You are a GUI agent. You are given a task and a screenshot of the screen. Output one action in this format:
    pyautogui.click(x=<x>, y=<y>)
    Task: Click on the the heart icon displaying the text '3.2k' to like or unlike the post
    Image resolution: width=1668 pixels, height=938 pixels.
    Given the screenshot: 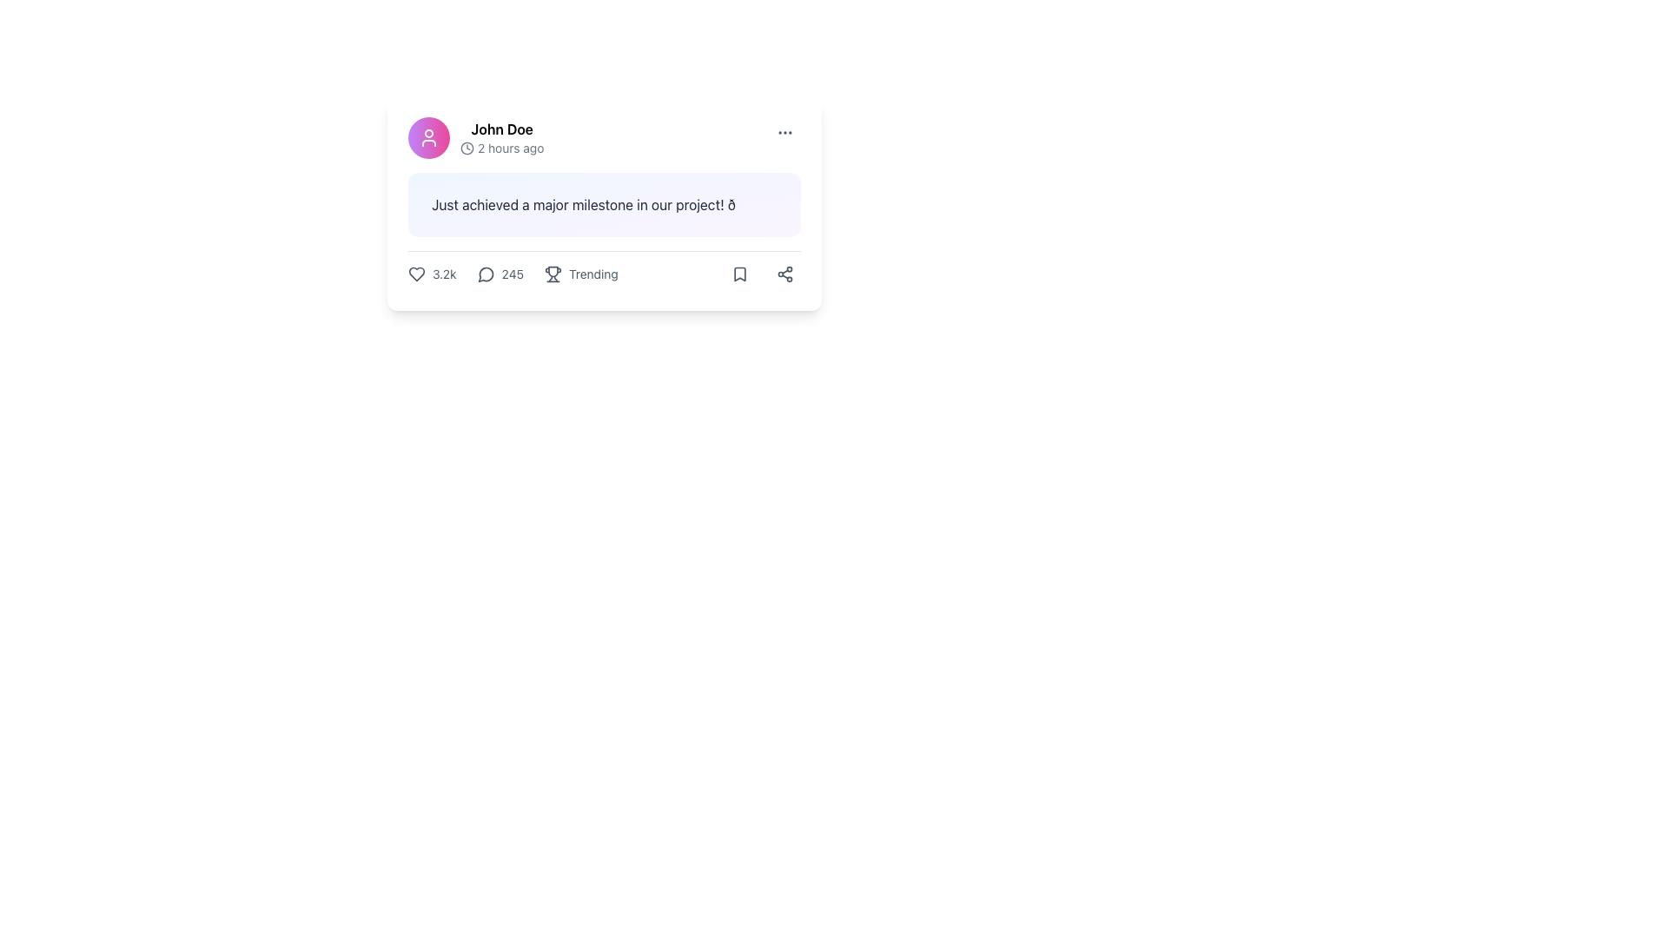 What is the action you would take?
    pyautogui.click(x=432, y=274)
    